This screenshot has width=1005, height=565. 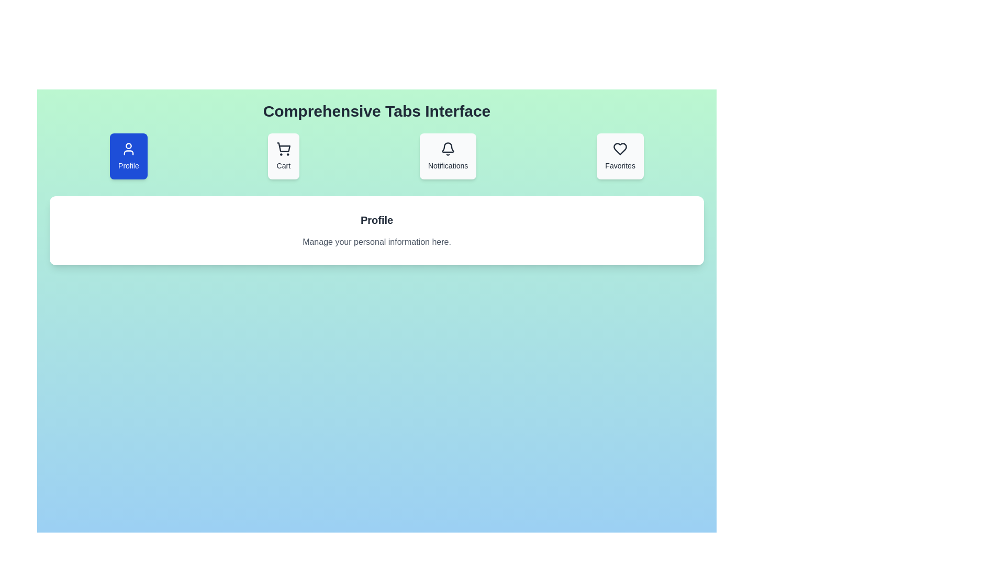 What do you see at coordinates (620, 149) in the screenshot?
I see `the favorites icon located above the 'Favorites' text label, which symbolizes the favorites feature` at bounding box center [620, 149].